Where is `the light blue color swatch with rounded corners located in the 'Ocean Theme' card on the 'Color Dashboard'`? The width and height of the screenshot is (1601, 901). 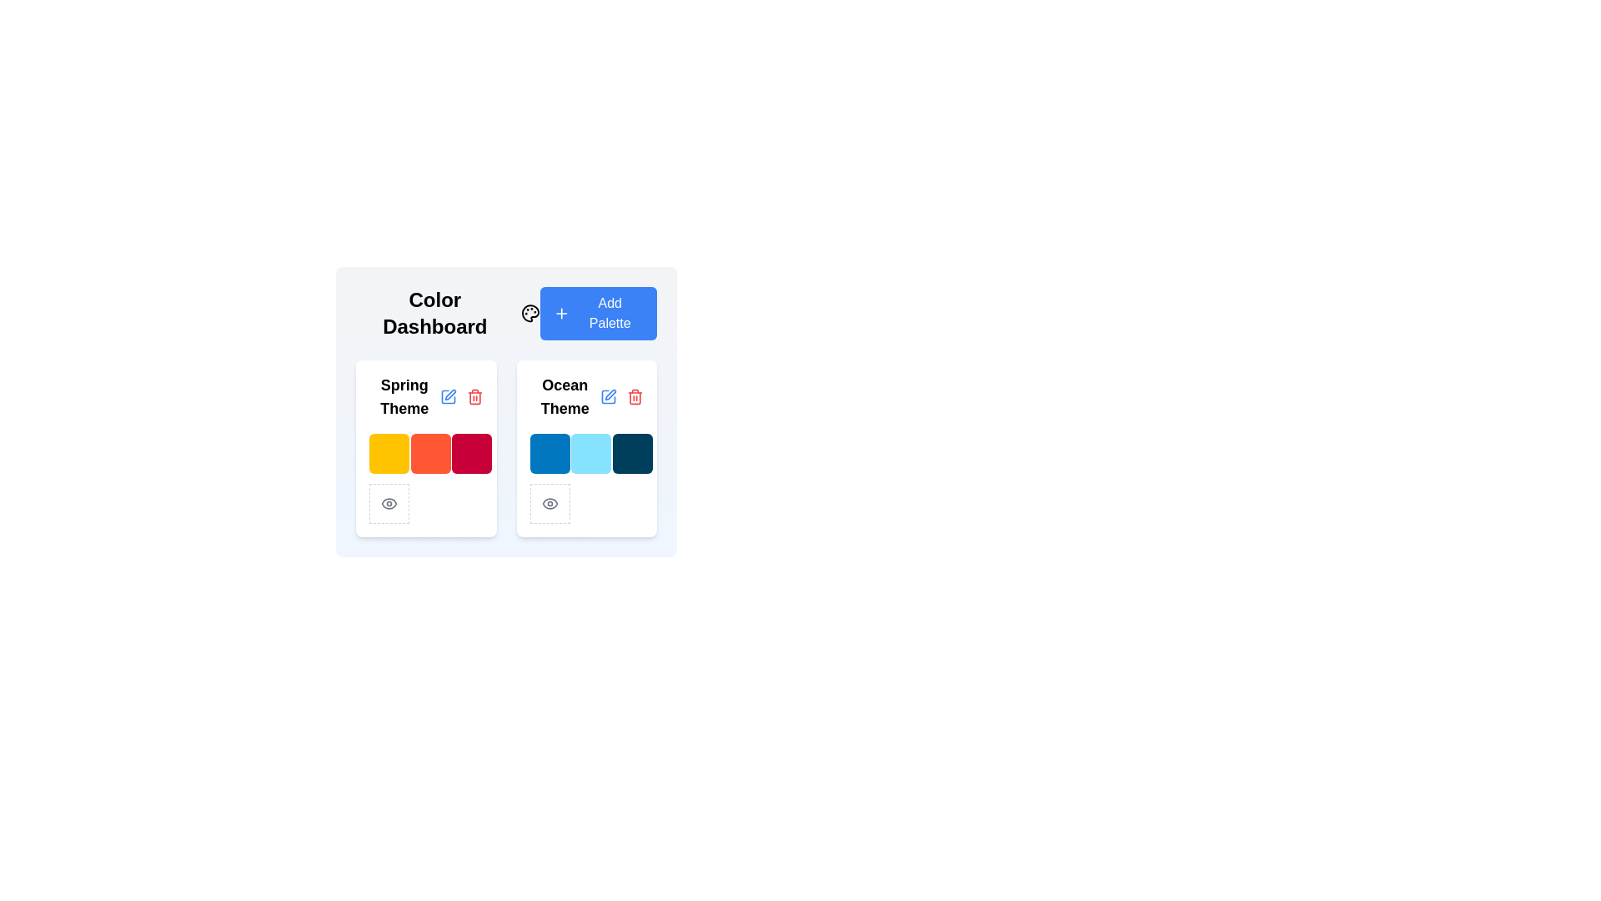
the light blue color swatch with rounded corners located in the 'Ocean Theme' card on the 'Color Dashboard' is located at coordinates (591, 453).